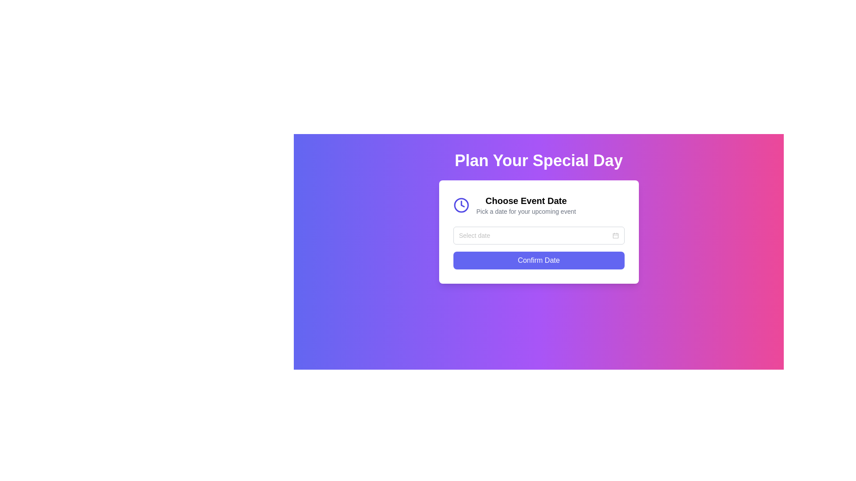 This screenshot has width=856, height=481. What do you see at coordinates (538, 205) in the screenshot?
I see `the informational text block with an icon located under the title 'Plan Your Special Day', which provides guidance for choosing a date for an event` at bounding box center [538, 205].